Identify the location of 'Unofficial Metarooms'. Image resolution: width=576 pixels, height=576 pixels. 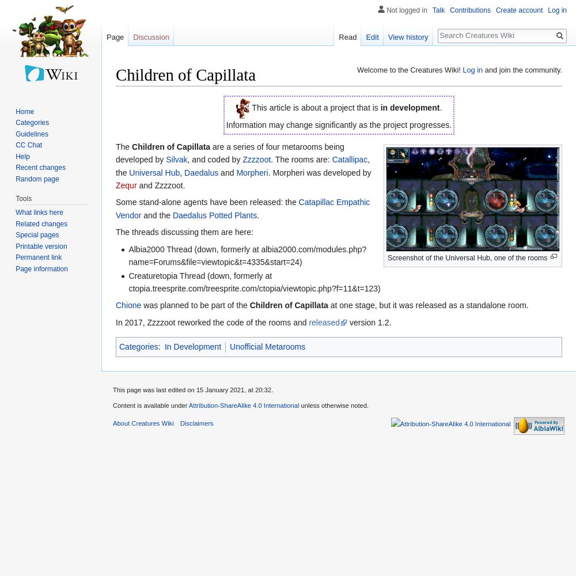
(230, 346).